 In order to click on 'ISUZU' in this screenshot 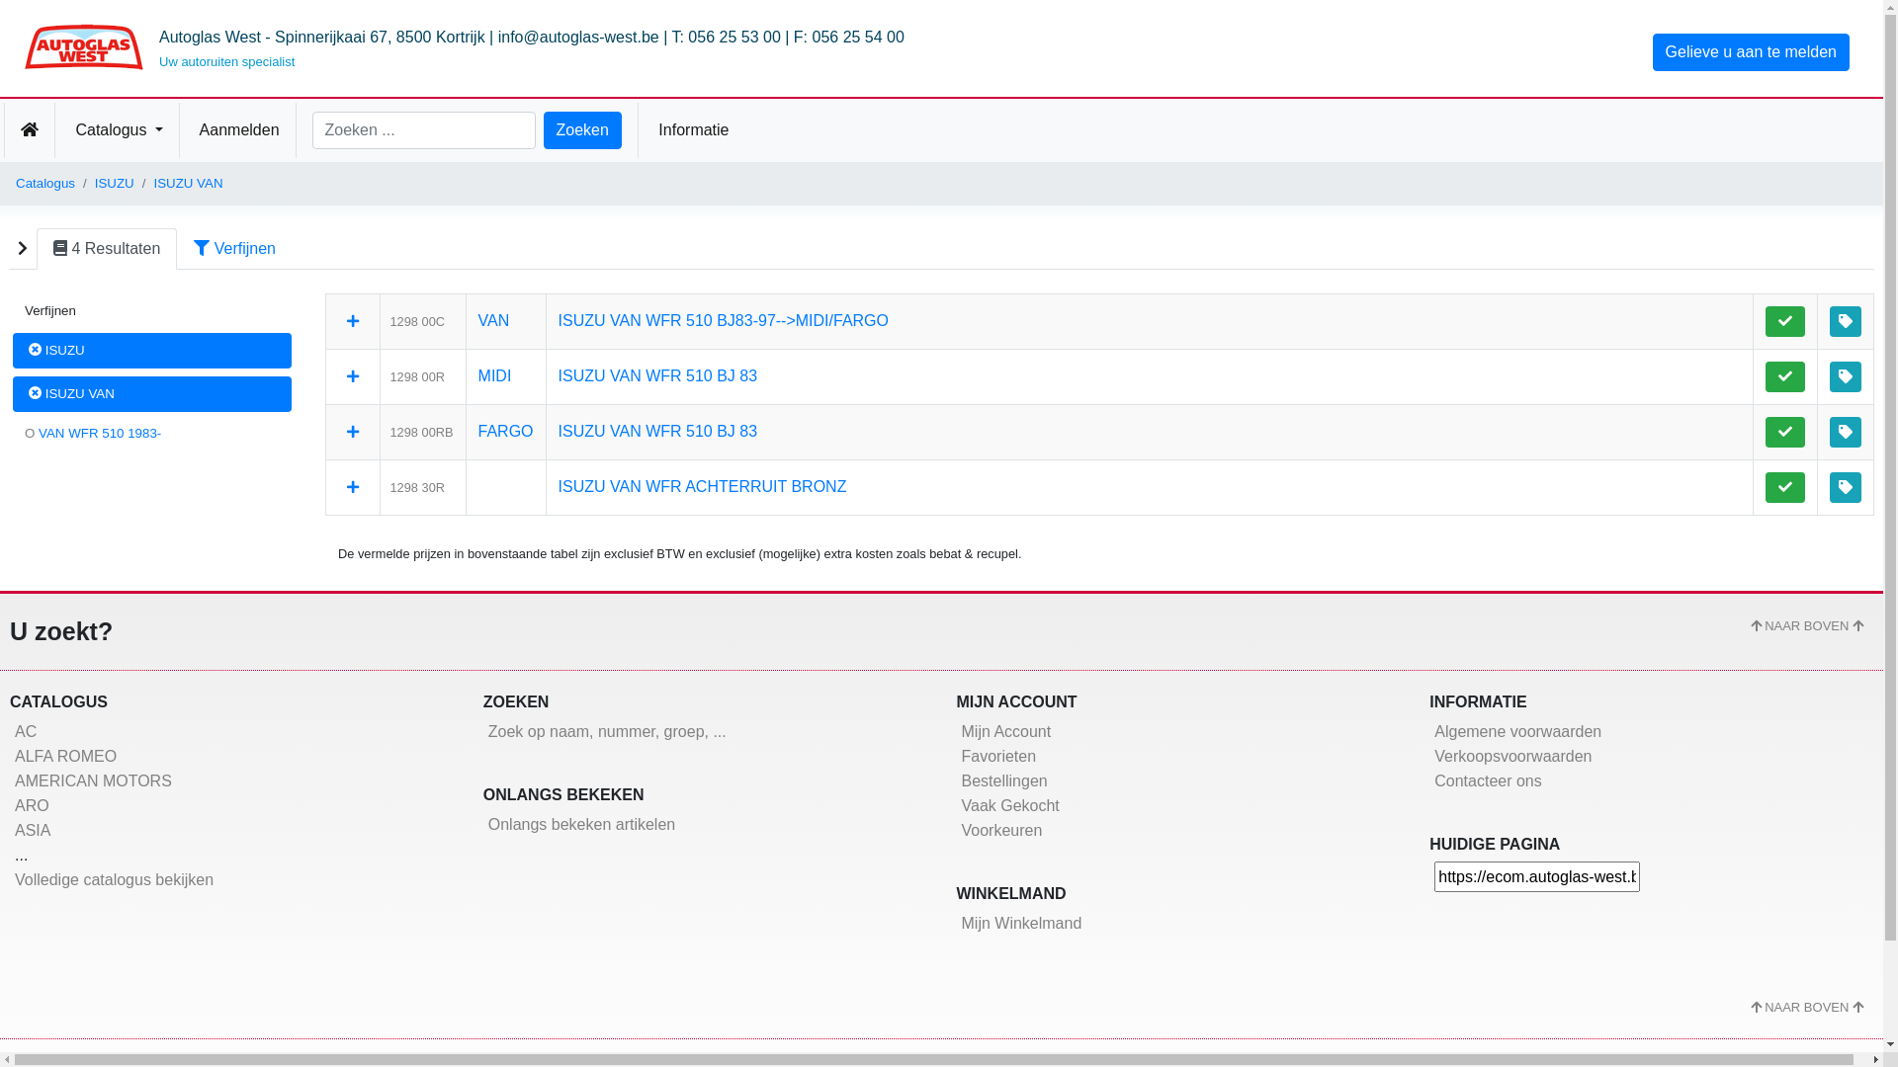, I will do `click(150, 349)`.